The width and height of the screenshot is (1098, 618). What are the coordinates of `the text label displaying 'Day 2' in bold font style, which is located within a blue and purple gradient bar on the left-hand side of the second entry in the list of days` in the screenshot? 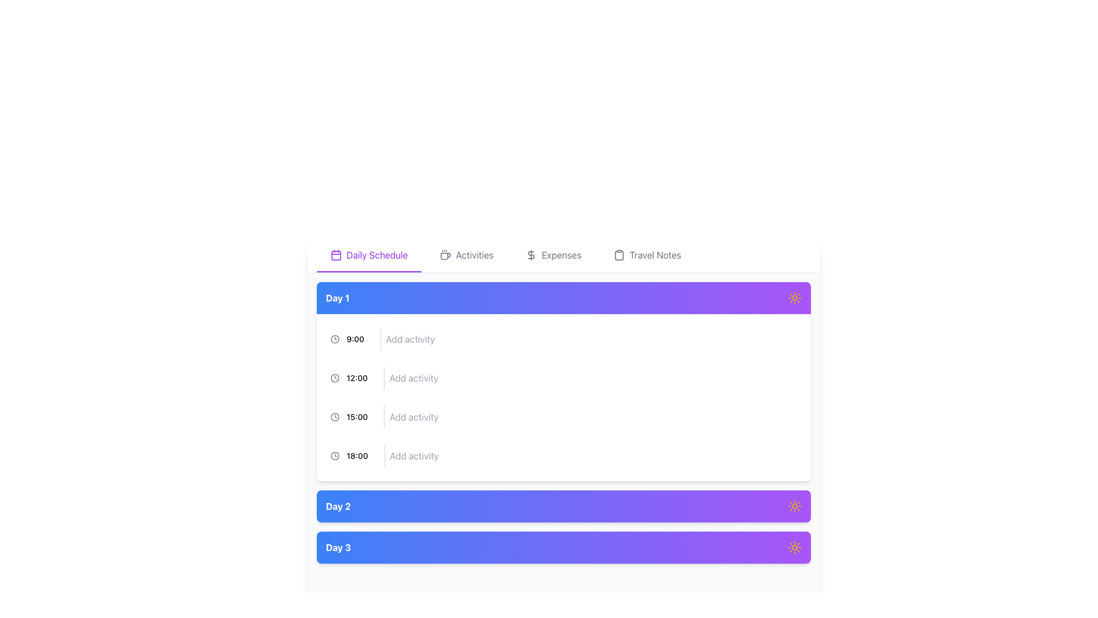 It's located at (337, 505).